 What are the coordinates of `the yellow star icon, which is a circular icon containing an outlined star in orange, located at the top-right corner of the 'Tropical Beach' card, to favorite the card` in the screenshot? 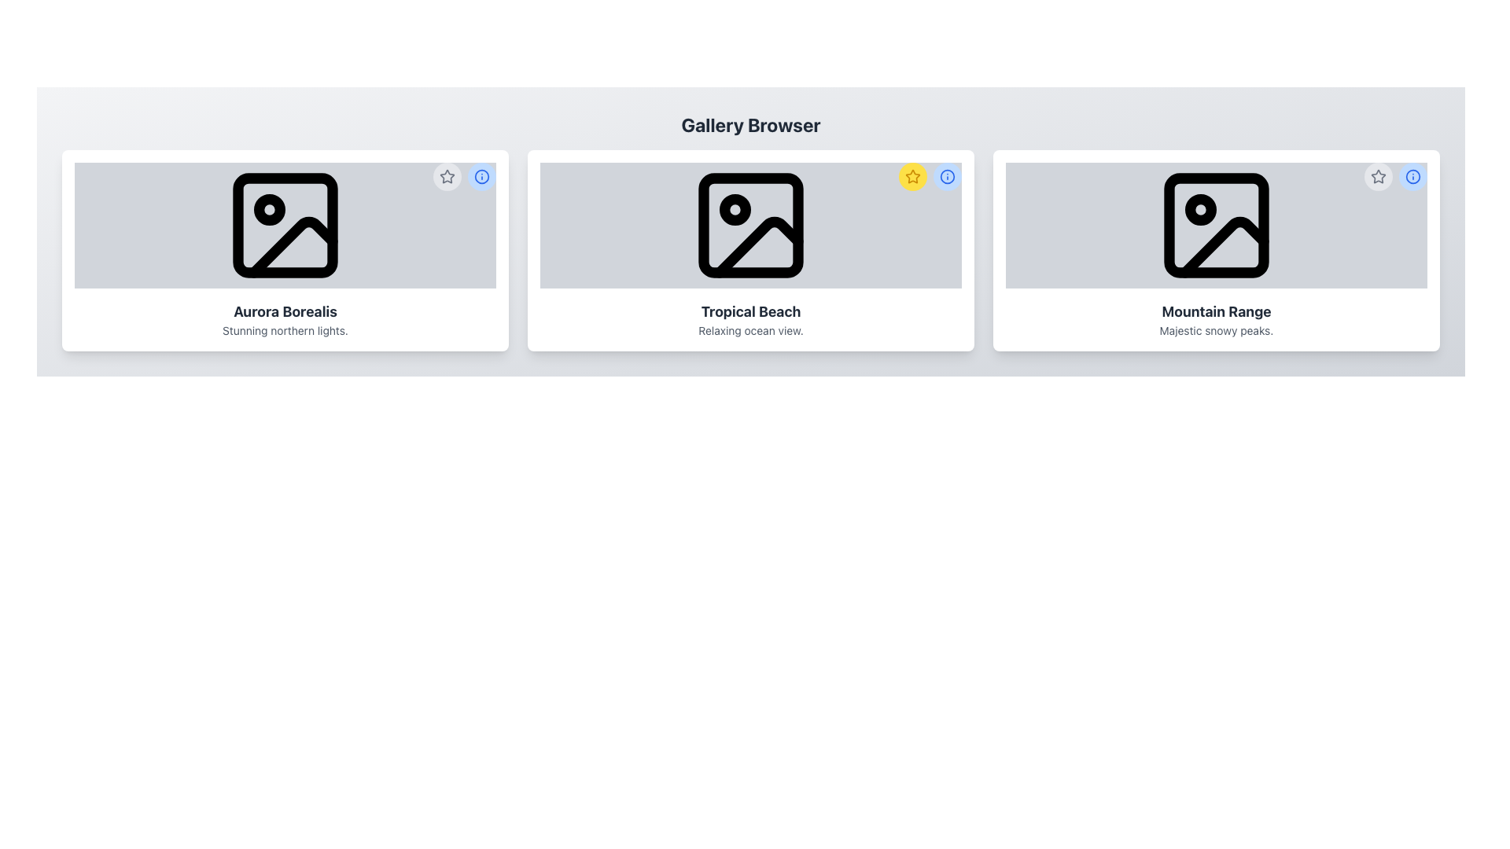 It's located at (930, 176).